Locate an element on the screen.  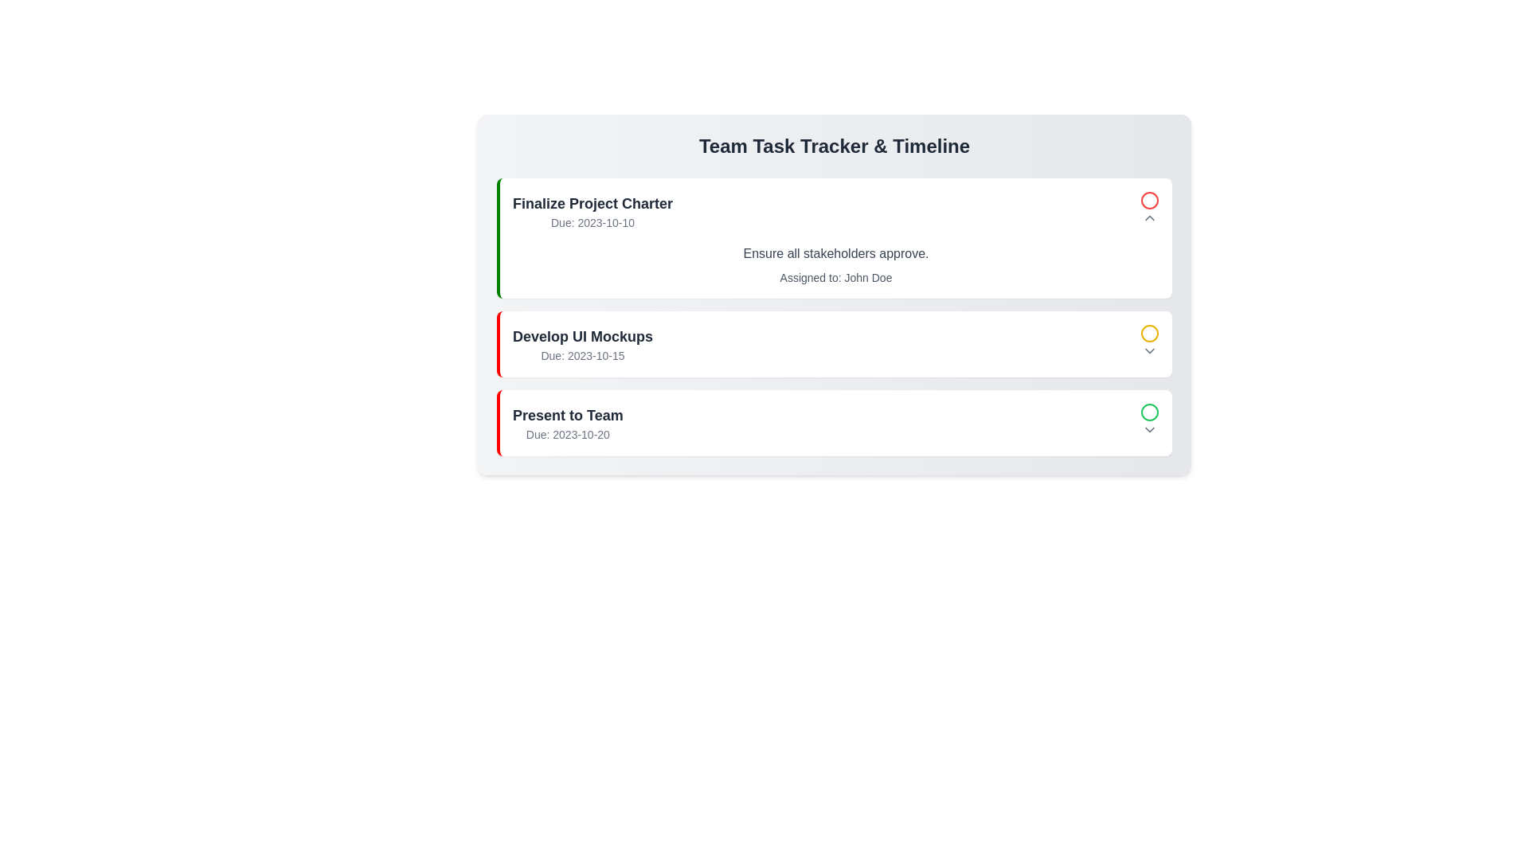
the Indicator icon at the right end of the first row in the vertical list of task items, which serves as a visual status indicator is located at coordinates (1150, 199).